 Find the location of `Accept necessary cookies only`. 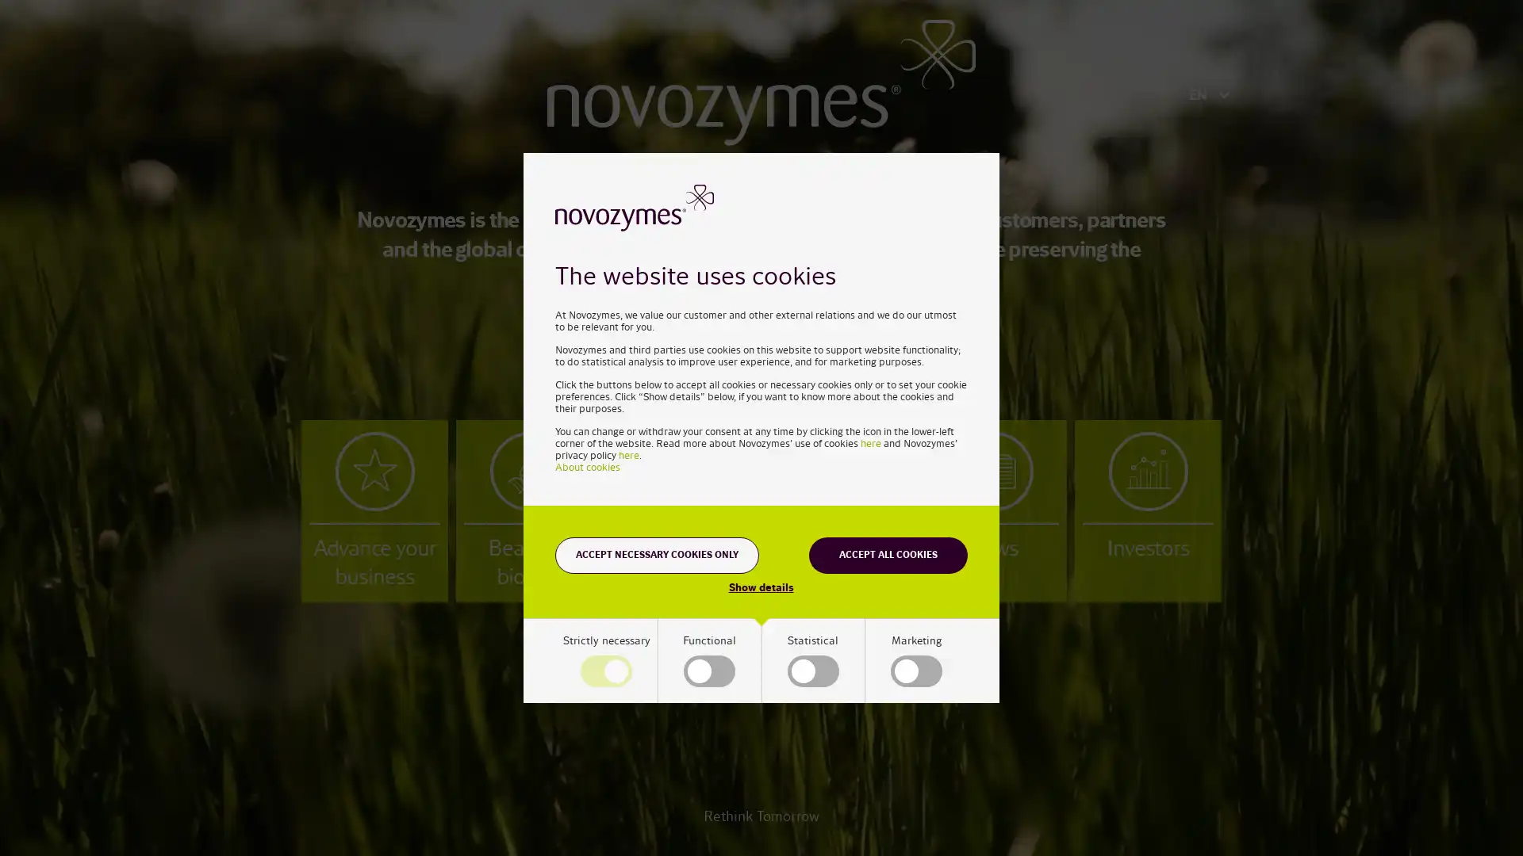

Accept necessary cookies only is located at coordinates (657, 553).